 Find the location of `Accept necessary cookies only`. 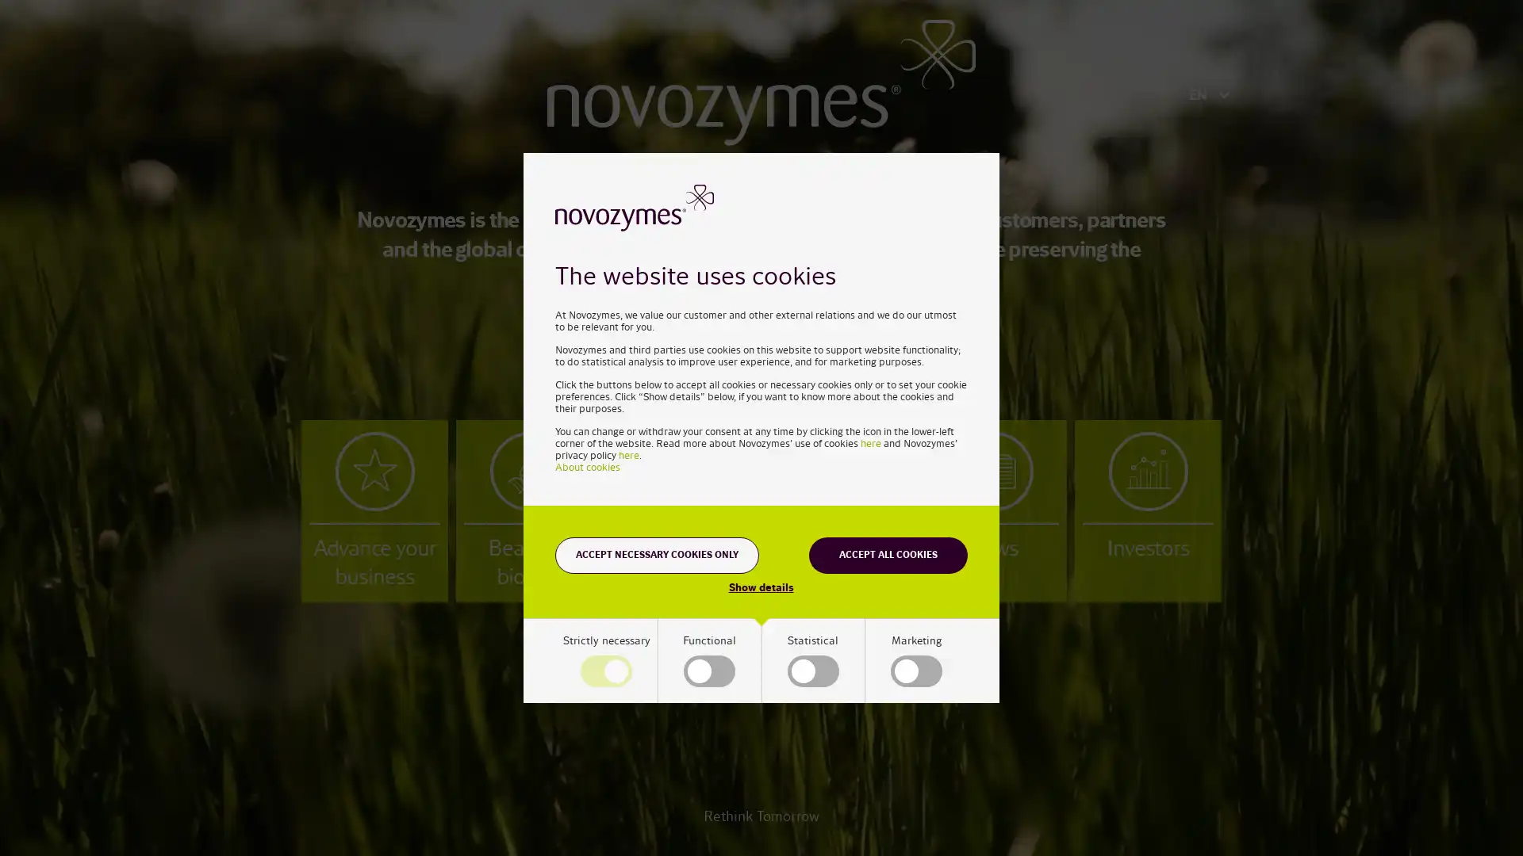

Accept necessary cookies only is located at coordinates (657, 553).